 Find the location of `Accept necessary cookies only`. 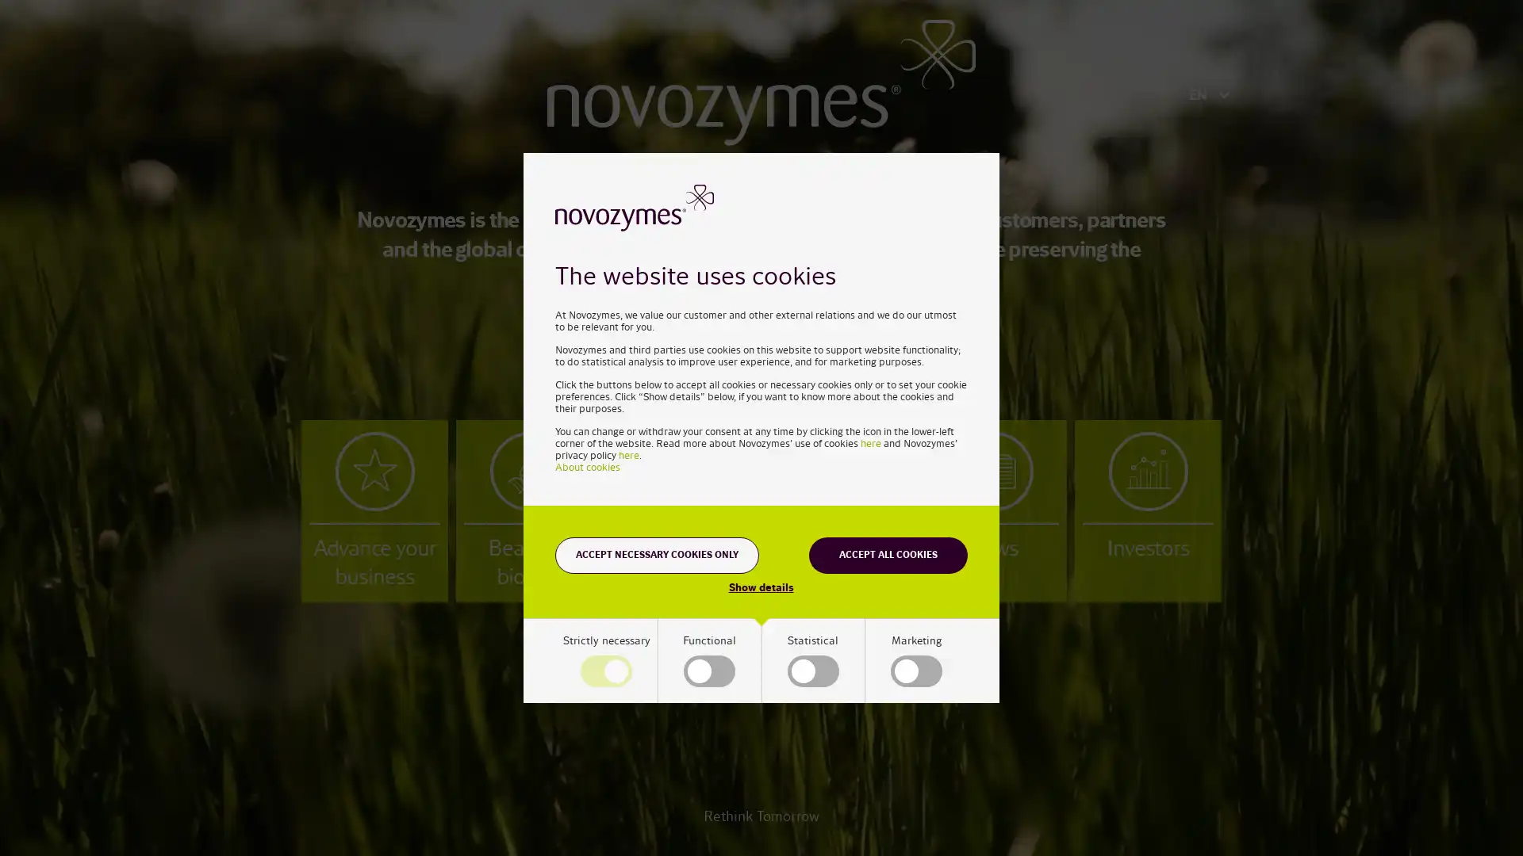

Accept necessary cookies only is located at coordinates (657, 553).